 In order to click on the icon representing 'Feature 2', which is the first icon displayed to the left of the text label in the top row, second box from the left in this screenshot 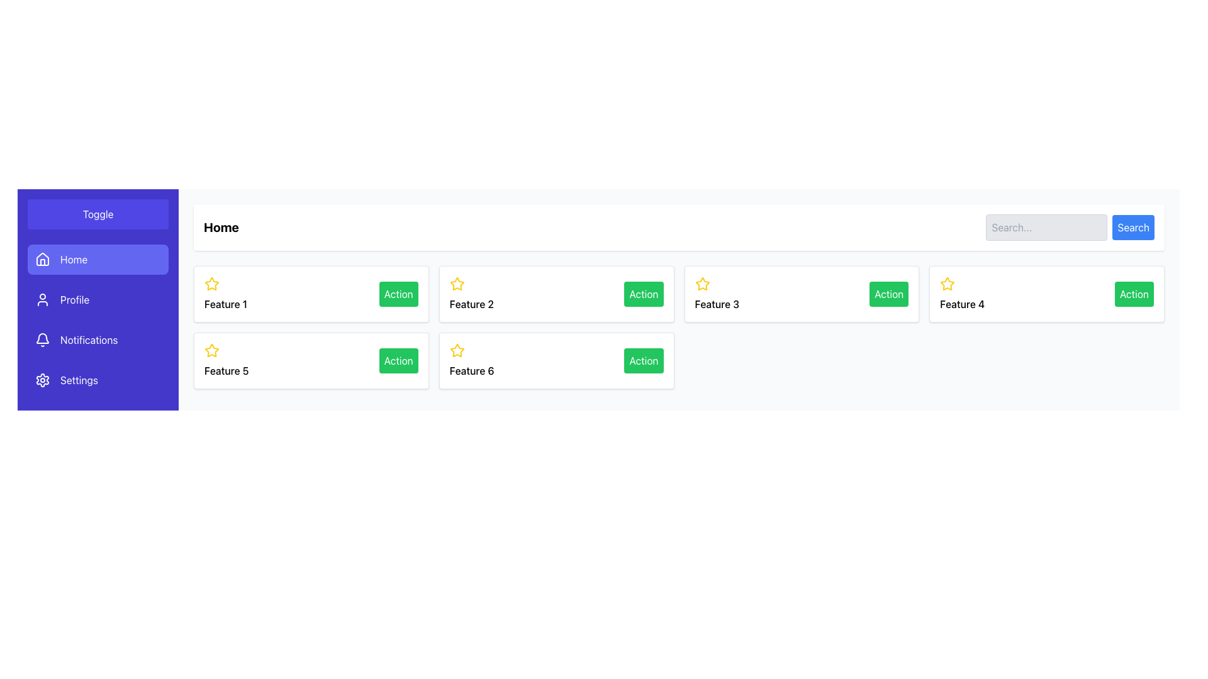, I will do `click(456, 284)`.